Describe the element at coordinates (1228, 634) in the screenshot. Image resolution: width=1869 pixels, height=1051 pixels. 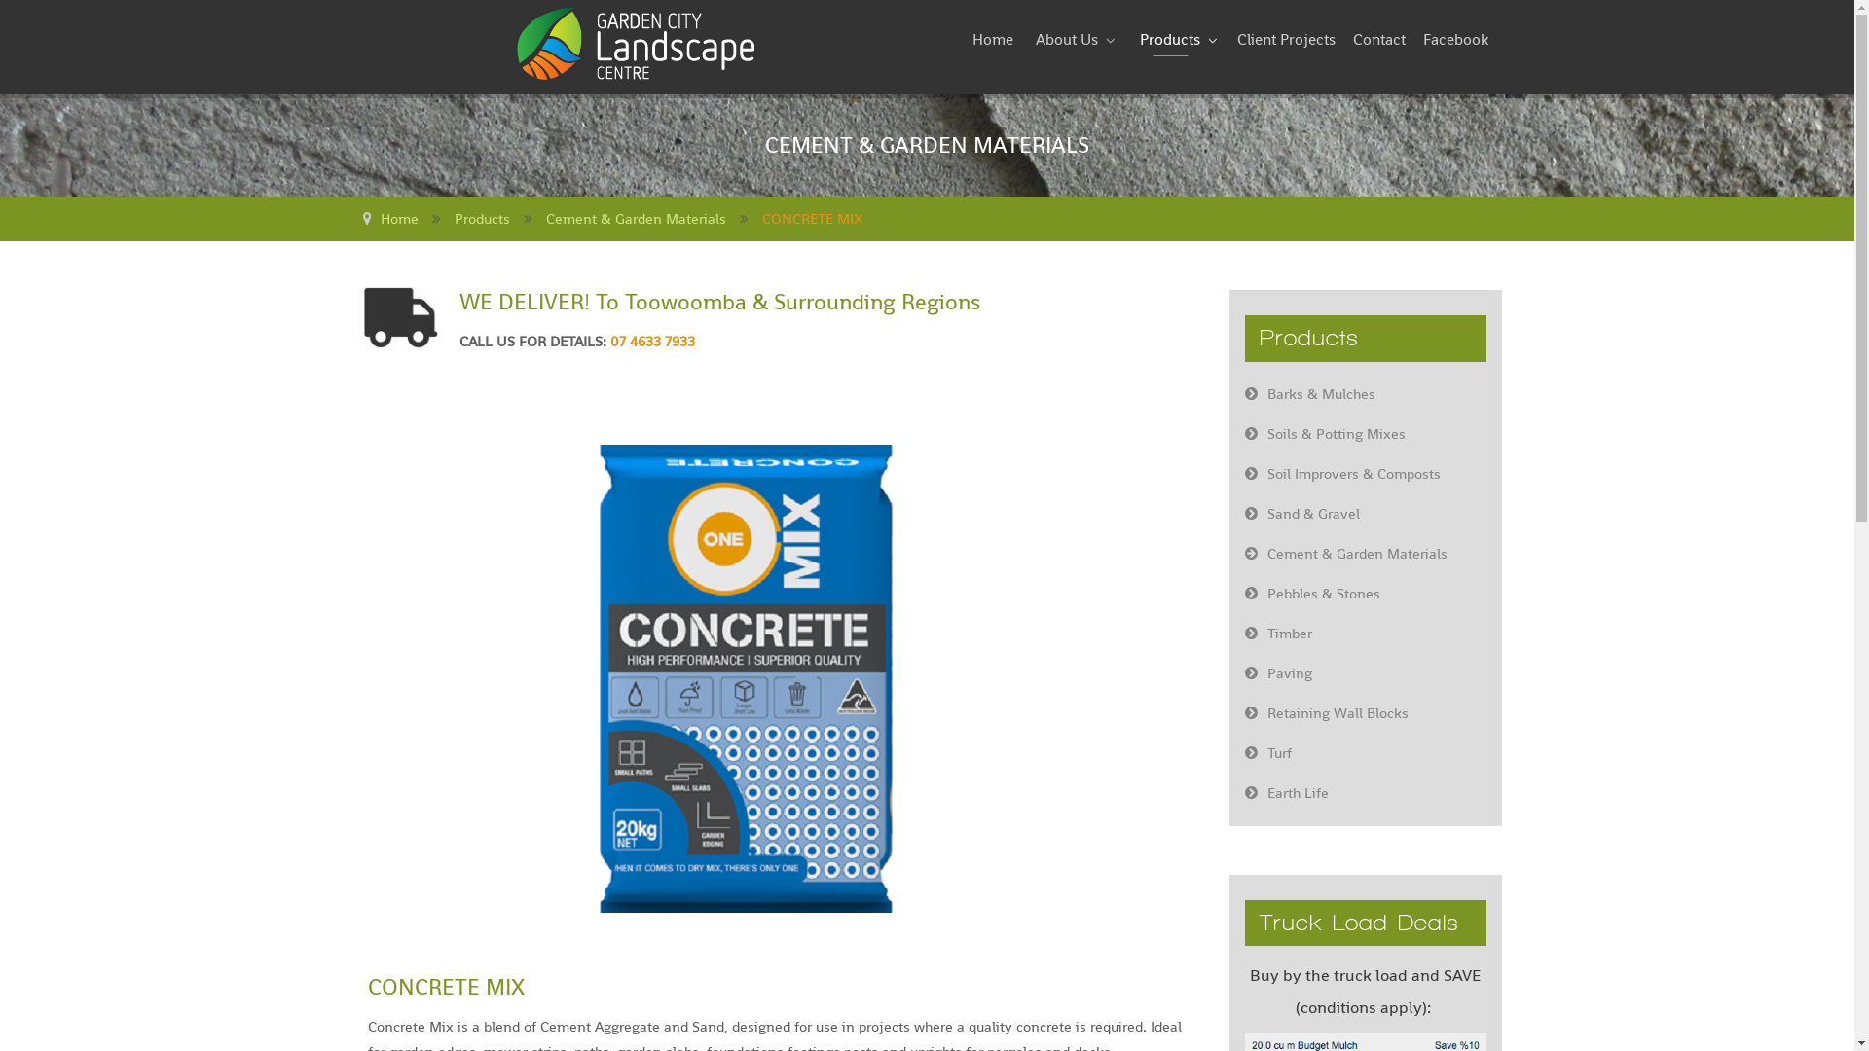
I see `'Timber'` at that location.